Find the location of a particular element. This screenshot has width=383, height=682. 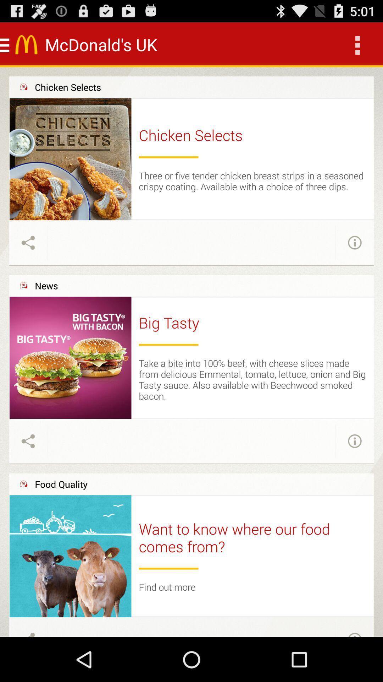

the item above news item is located at coordinates (191, 265).